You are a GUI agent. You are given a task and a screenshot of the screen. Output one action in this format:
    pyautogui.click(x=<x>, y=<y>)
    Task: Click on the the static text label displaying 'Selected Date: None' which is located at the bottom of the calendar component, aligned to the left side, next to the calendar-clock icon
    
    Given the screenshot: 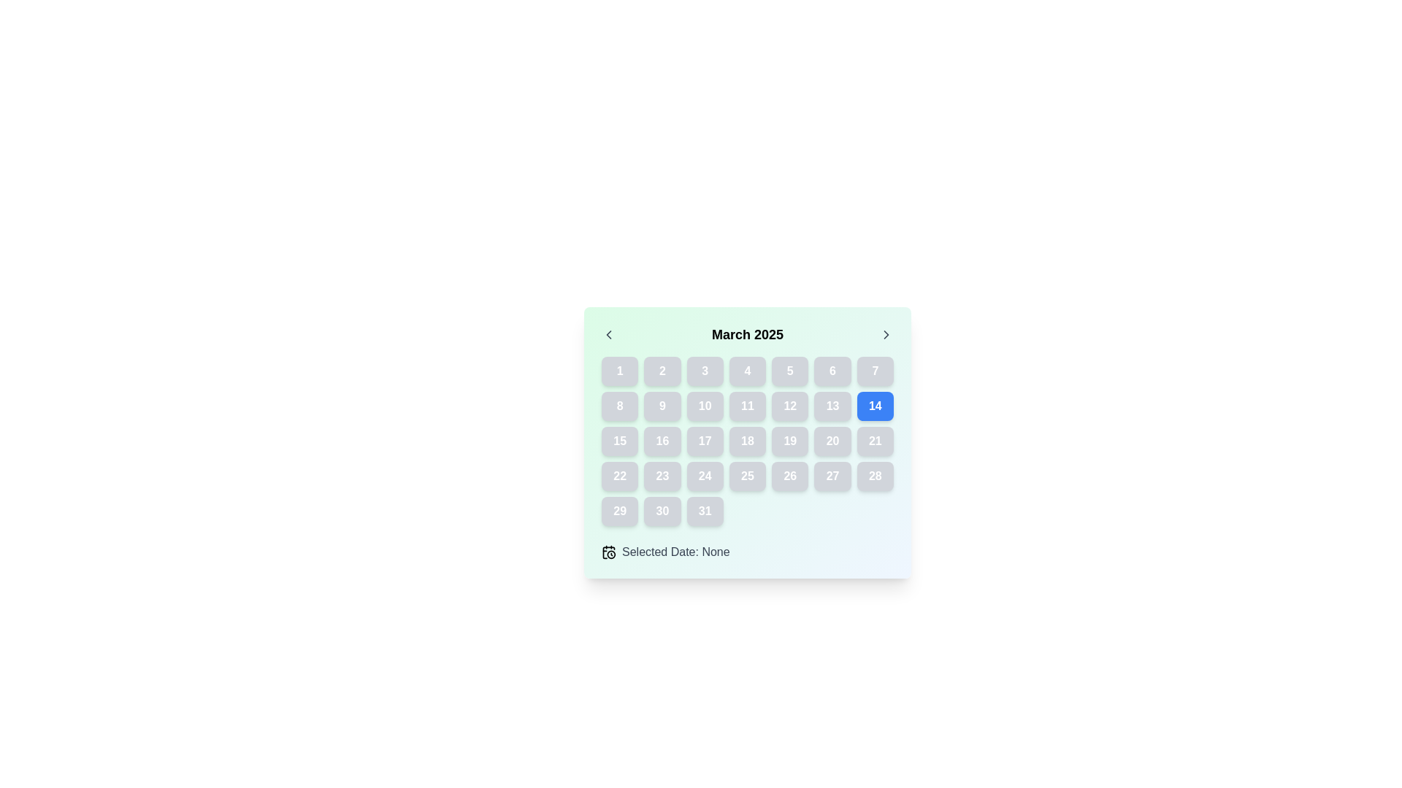 What is the action you would take?
    pyautogui.click(x=675, y=552)
    